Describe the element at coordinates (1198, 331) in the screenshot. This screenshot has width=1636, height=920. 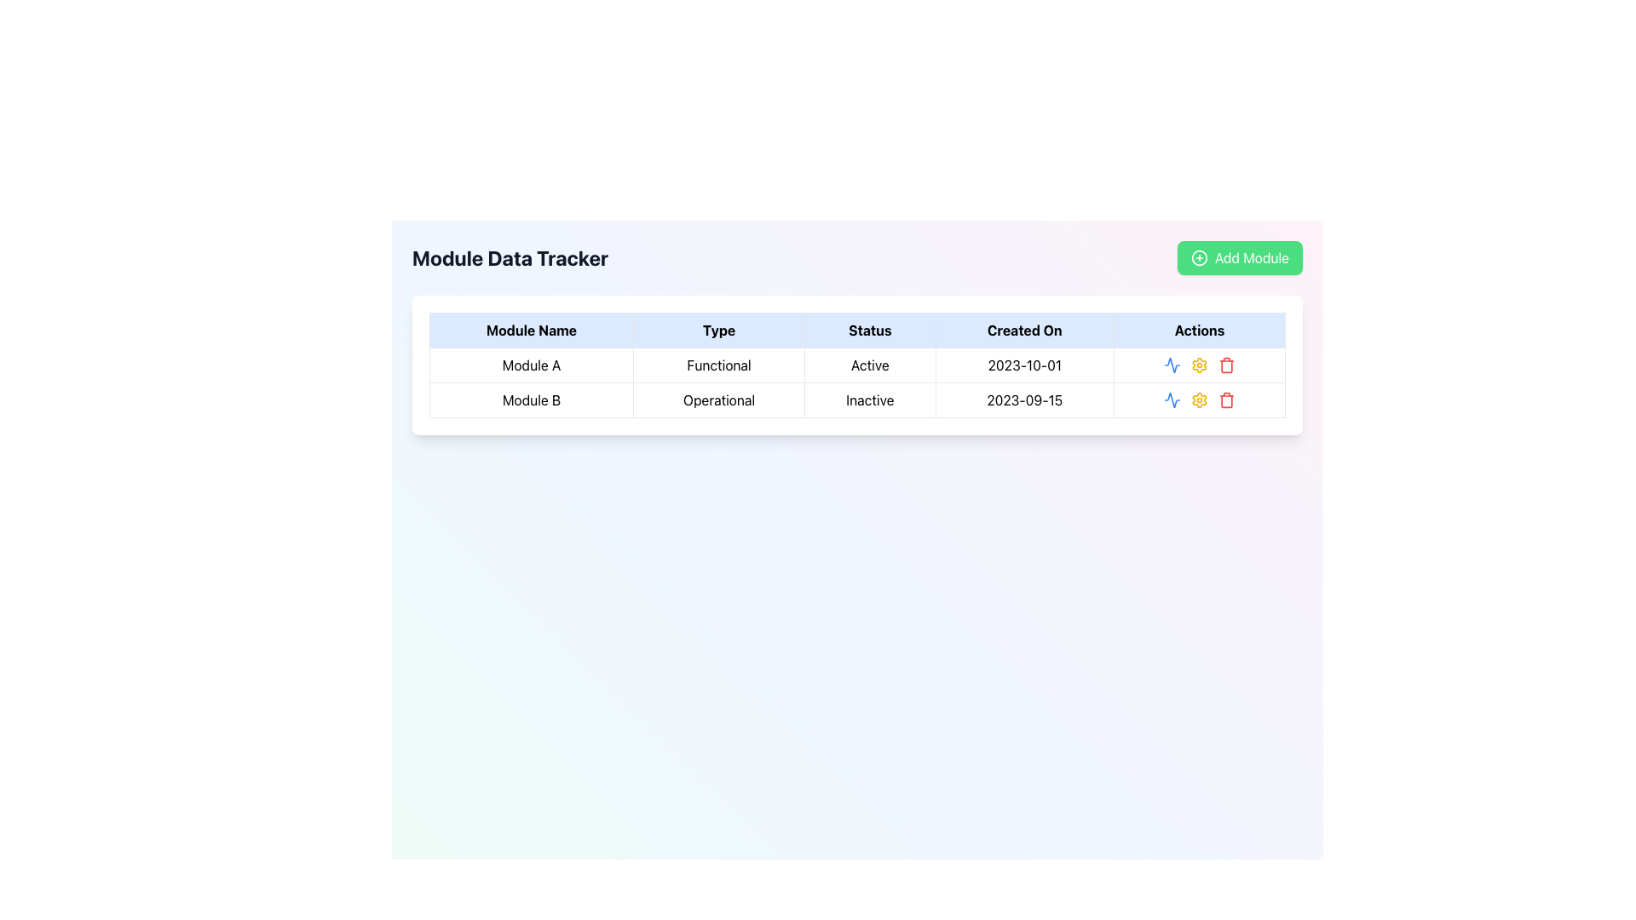
I see `the non-interactive table header that labels the 'Actions' column, which is the fifth header in the table and located at the far right` at that location.